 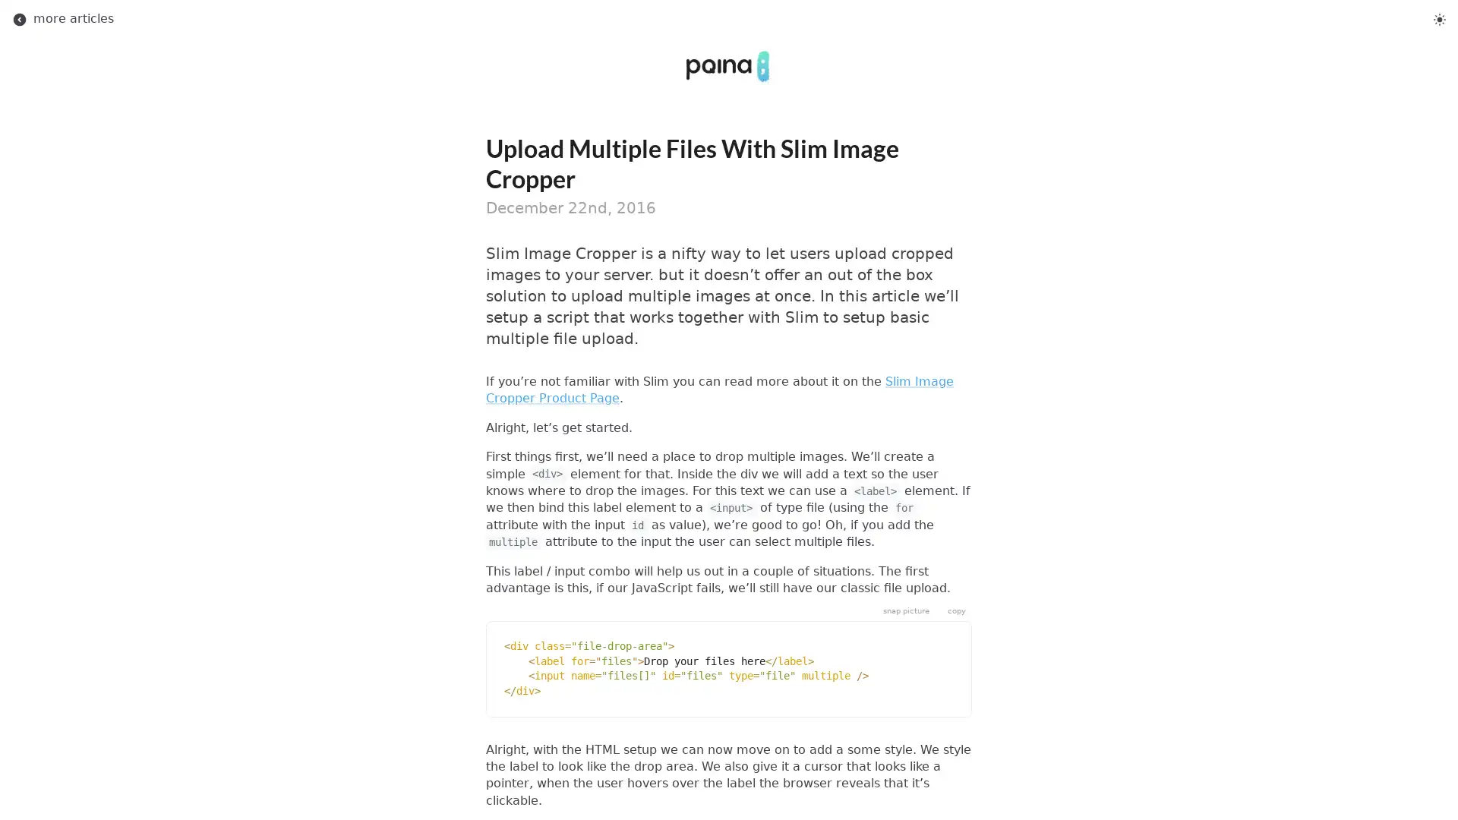 I want to click on copy, so click(x=955, y=609).